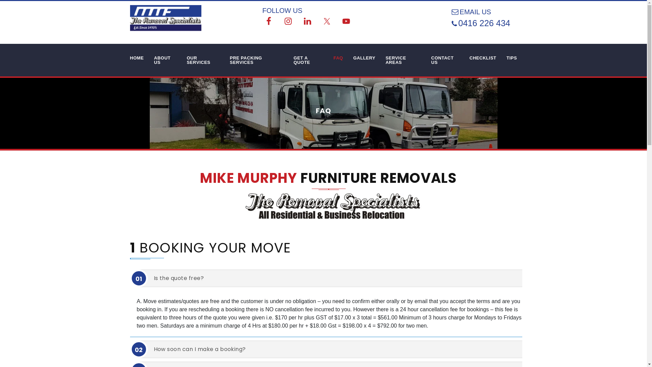  What do you see at coordinates (512, 57) in the screenshot?
I see `'TIPS'` at bounding box center [512, 57].